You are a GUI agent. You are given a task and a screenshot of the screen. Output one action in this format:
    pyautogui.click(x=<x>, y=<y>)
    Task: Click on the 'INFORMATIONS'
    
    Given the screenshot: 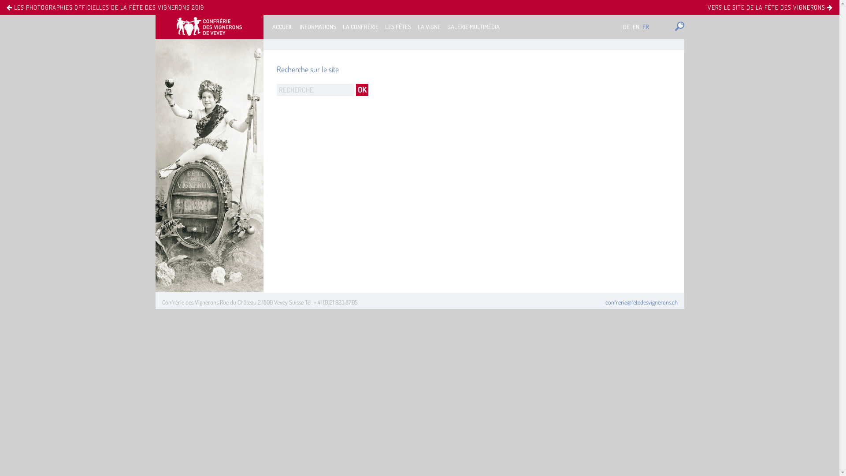 What is the action you would take?
    pyautogui.click(x=317, y=26)
    